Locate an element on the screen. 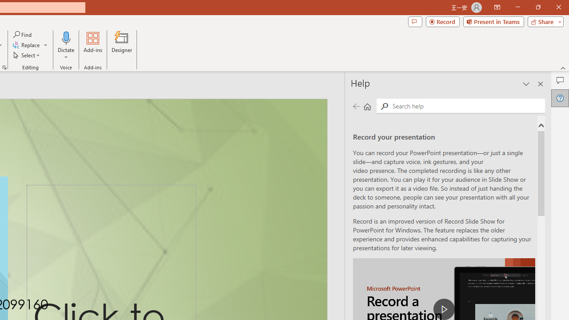  'Previous page' is located at coordinates (356, 106).